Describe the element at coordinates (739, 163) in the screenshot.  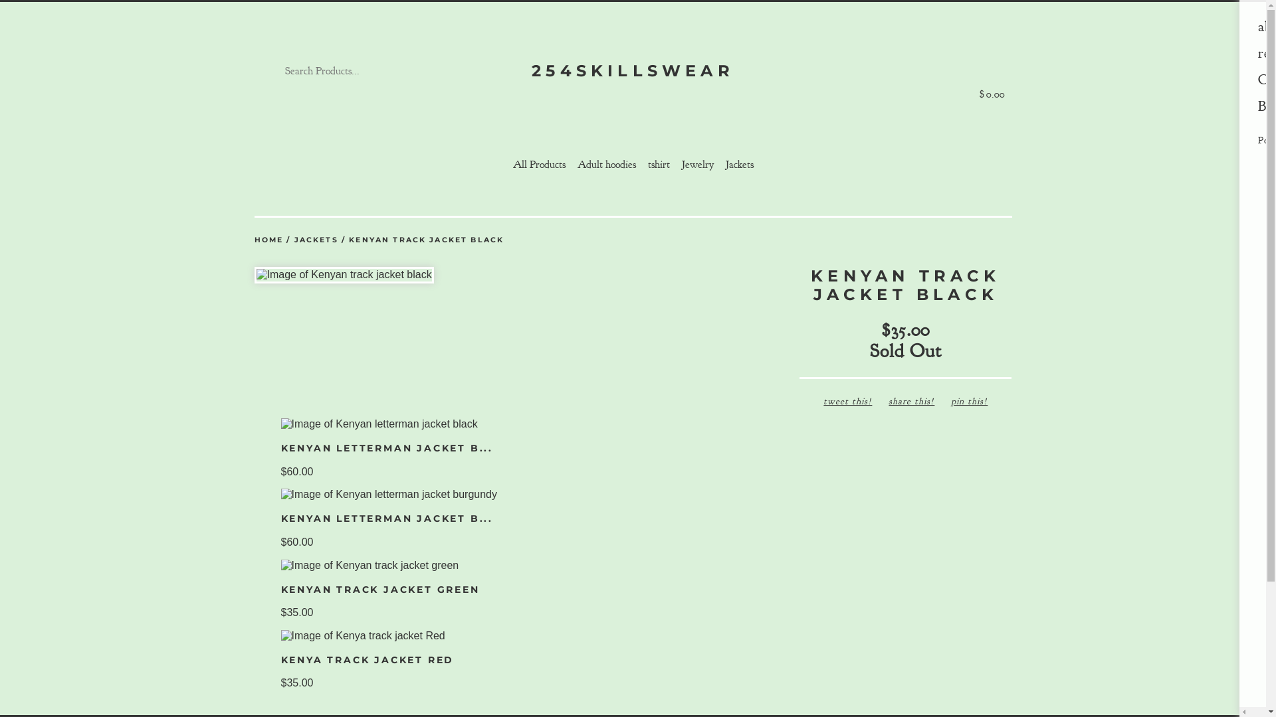
I see `'Jackets'` at that location.